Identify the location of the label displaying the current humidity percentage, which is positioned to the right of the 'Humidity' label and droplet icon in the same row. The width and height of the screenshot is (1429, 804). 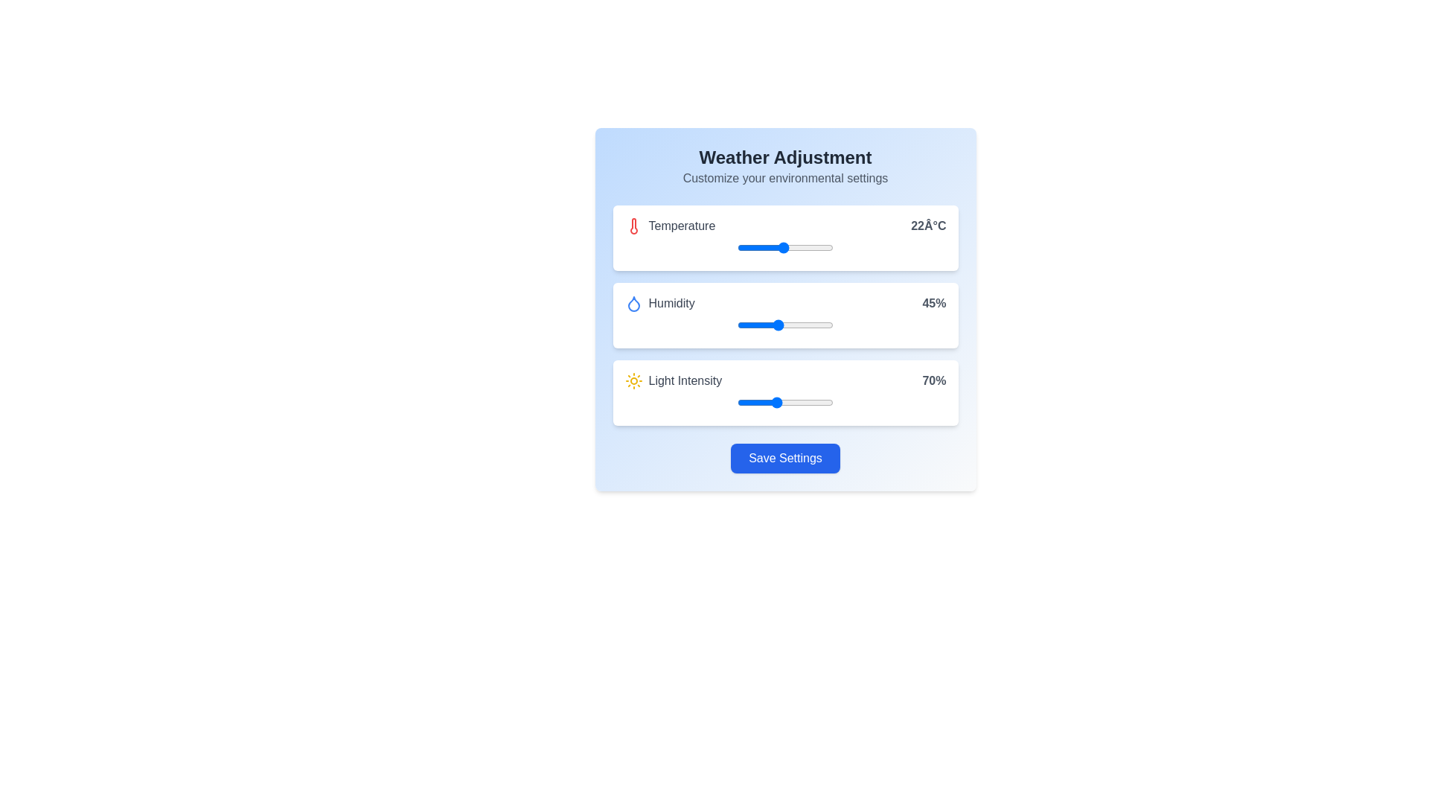
(933, 303).